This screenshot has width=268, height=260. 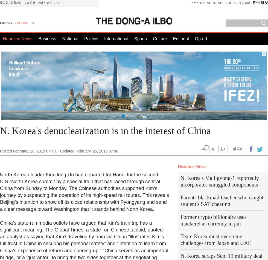 I want to click on 'Sports', so click(x=140, y=38).